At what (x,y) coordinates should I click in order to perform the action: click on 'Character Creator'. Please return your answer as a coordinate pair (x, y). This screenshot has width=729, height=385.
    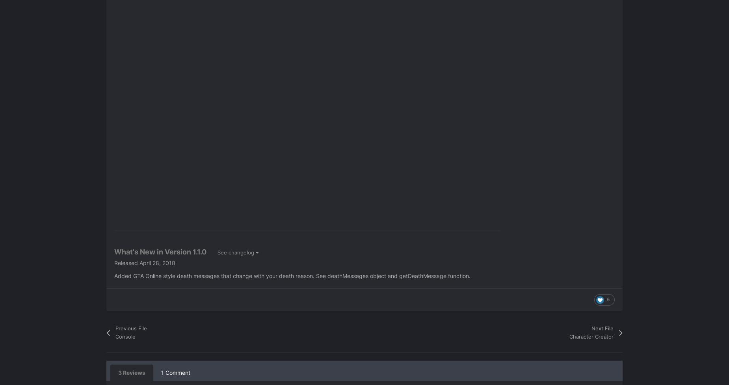
    Looking at the image, I should click on (591, 335).